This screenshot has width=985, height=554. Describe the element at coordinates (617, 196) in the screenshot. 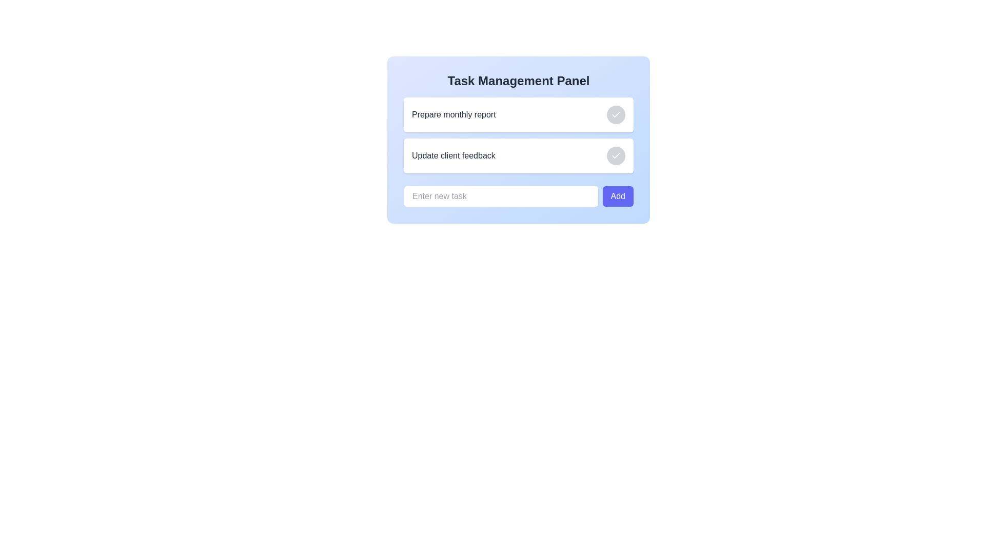

I see `the 'Add' button, which is a medium-sized indigo button with white text, located within the 'Task Management Panel'` at that location.